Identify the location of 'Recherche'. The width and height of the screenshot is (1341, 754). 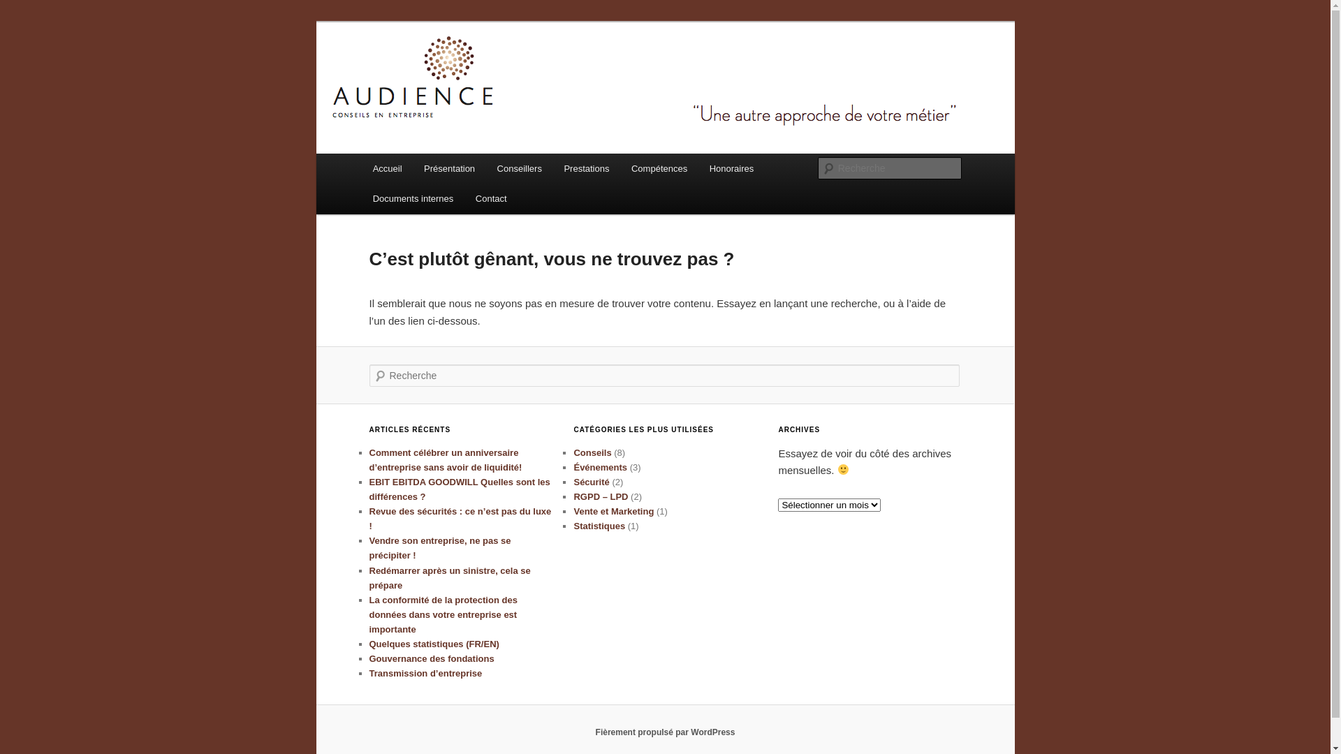
(31, 8).